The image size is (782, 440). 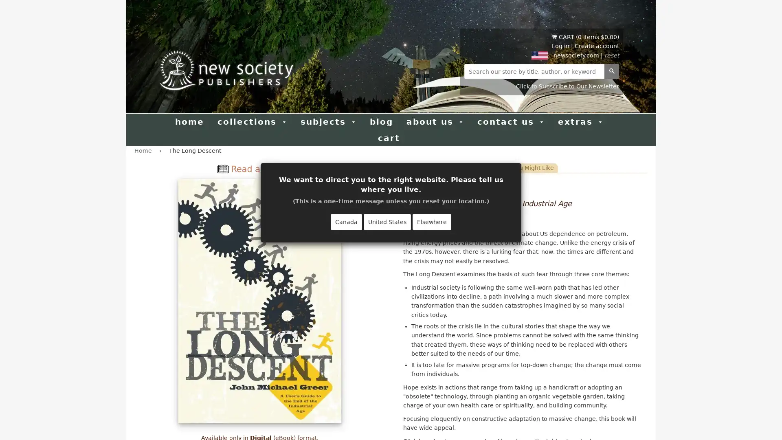 I want to click on Search, so click(x=612, y=71).